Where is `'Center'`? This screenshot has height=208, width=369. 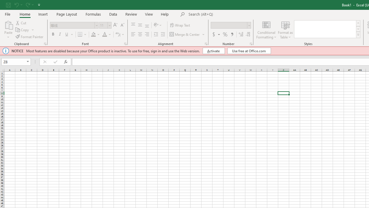
'Center' is located at coordinates (140, 34).